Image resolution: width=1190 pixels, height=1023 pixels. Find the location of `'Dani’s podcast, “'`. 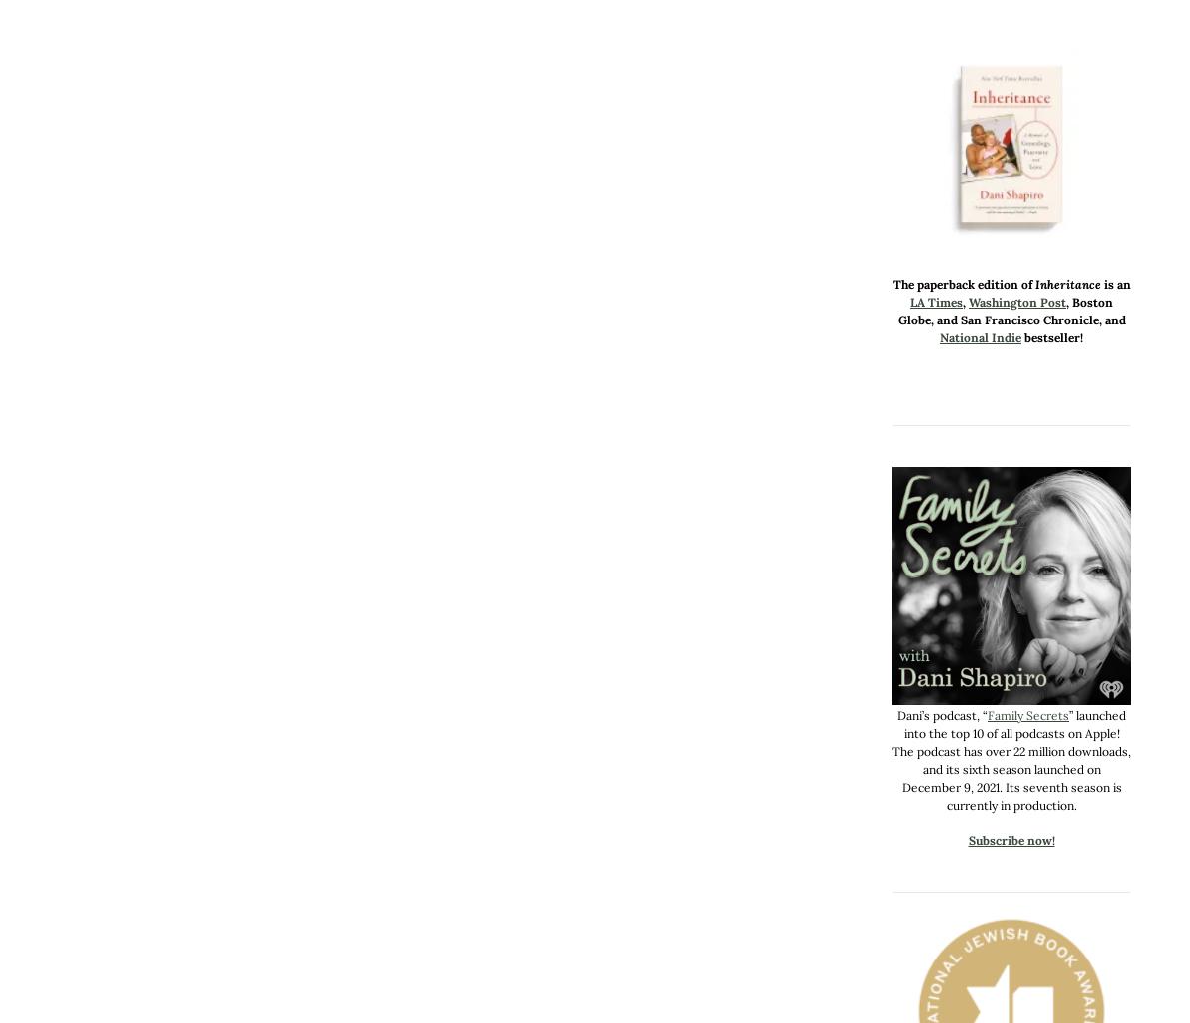

'Dani’s podcast, “' is located at coordinates (942, 715).